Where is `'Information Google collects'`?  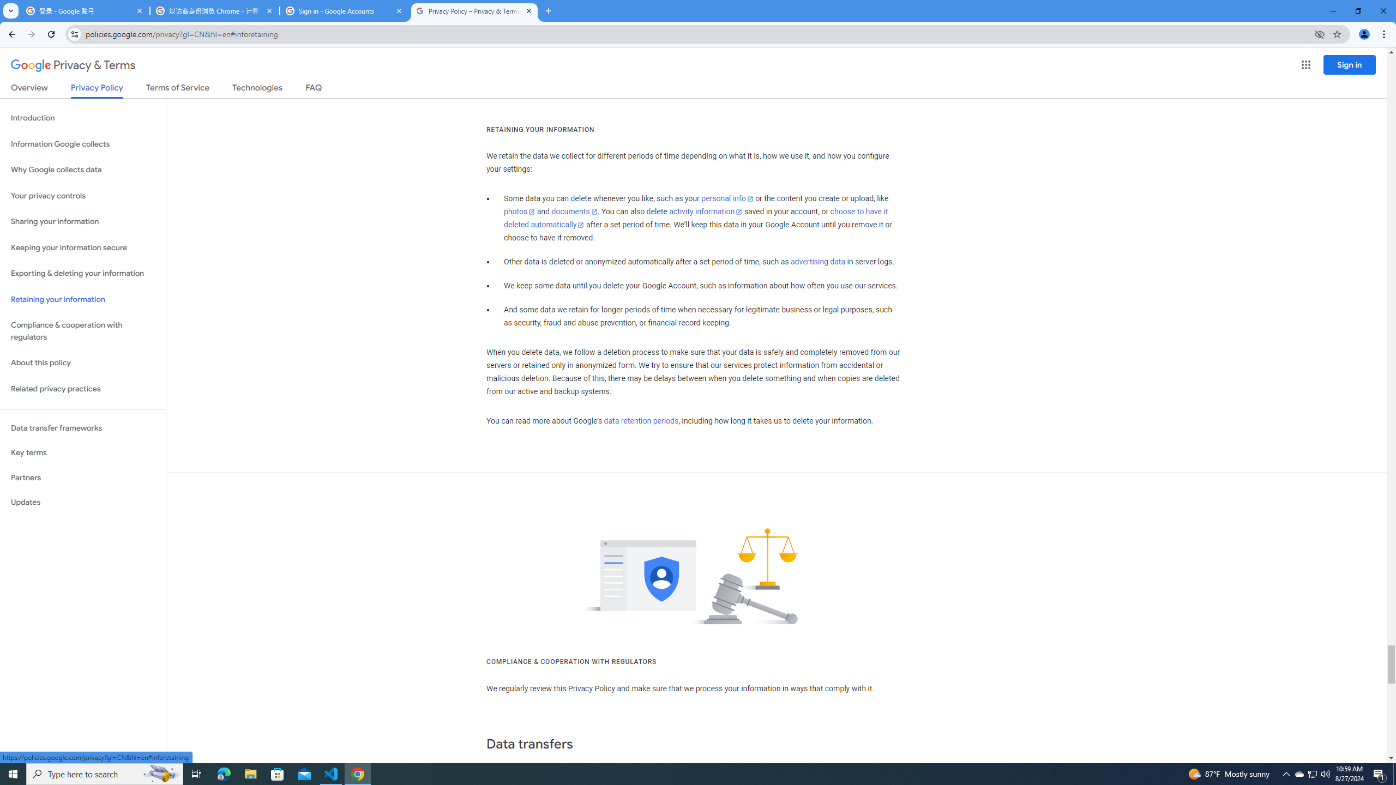
'Information Google collects' is located at coordinates (82, 144).